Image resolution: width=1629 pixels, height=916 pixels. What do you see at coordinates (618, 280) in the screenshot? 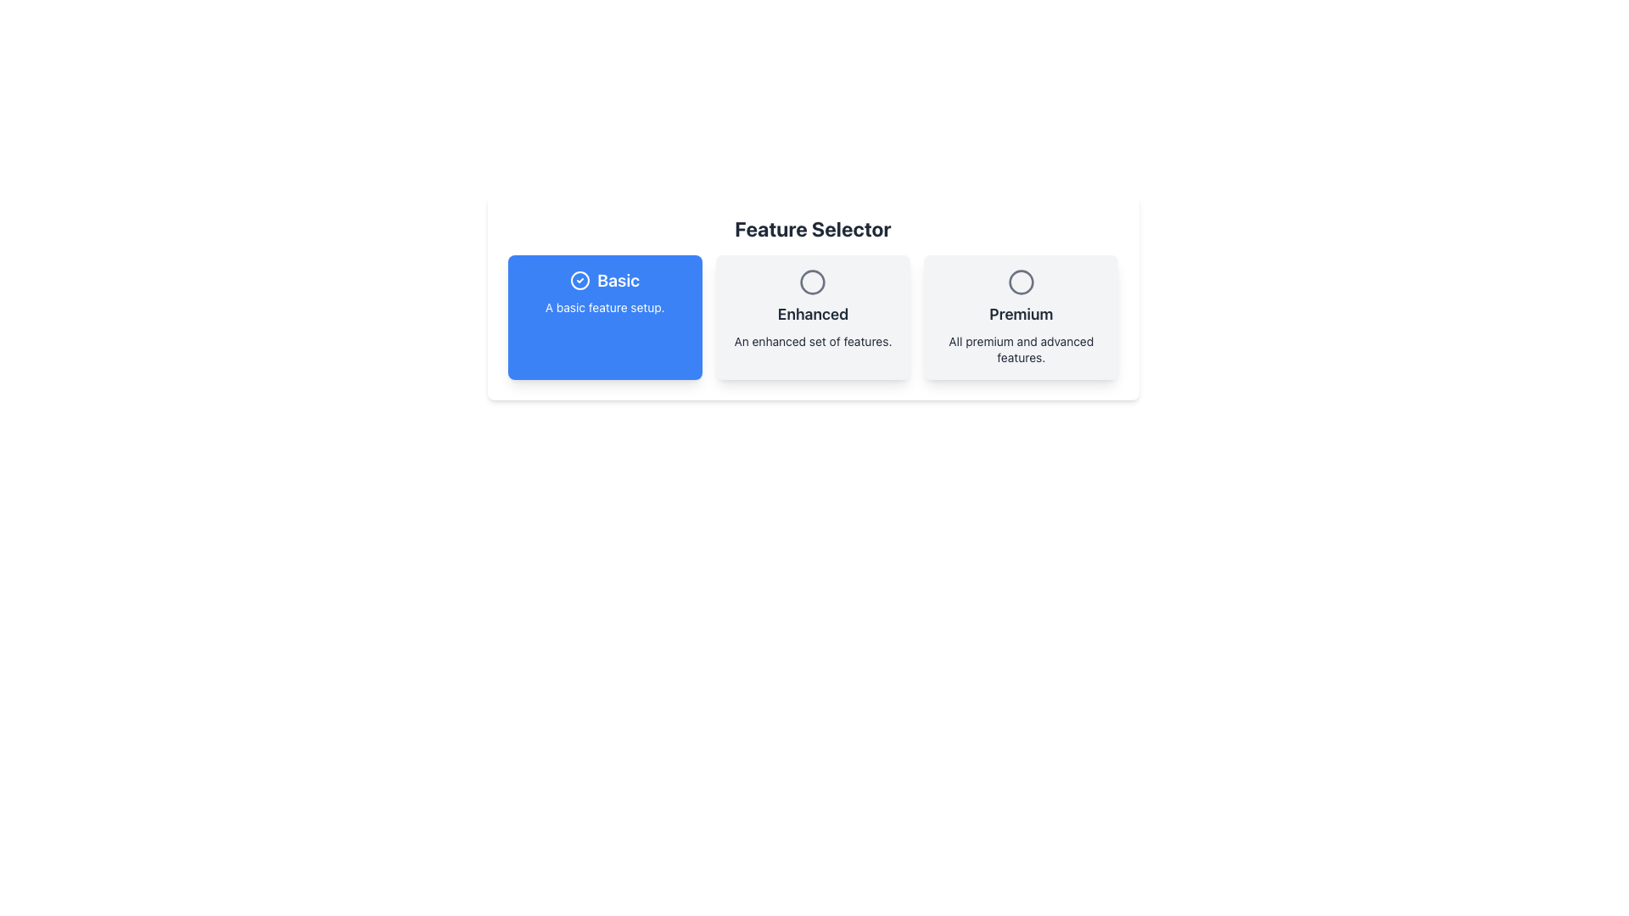
I see `the 'Basic' text label, which is styled in bold, large white font on a blue background, centrally located within the first card of a horizontal list of options` at bounding box center [618, 280].